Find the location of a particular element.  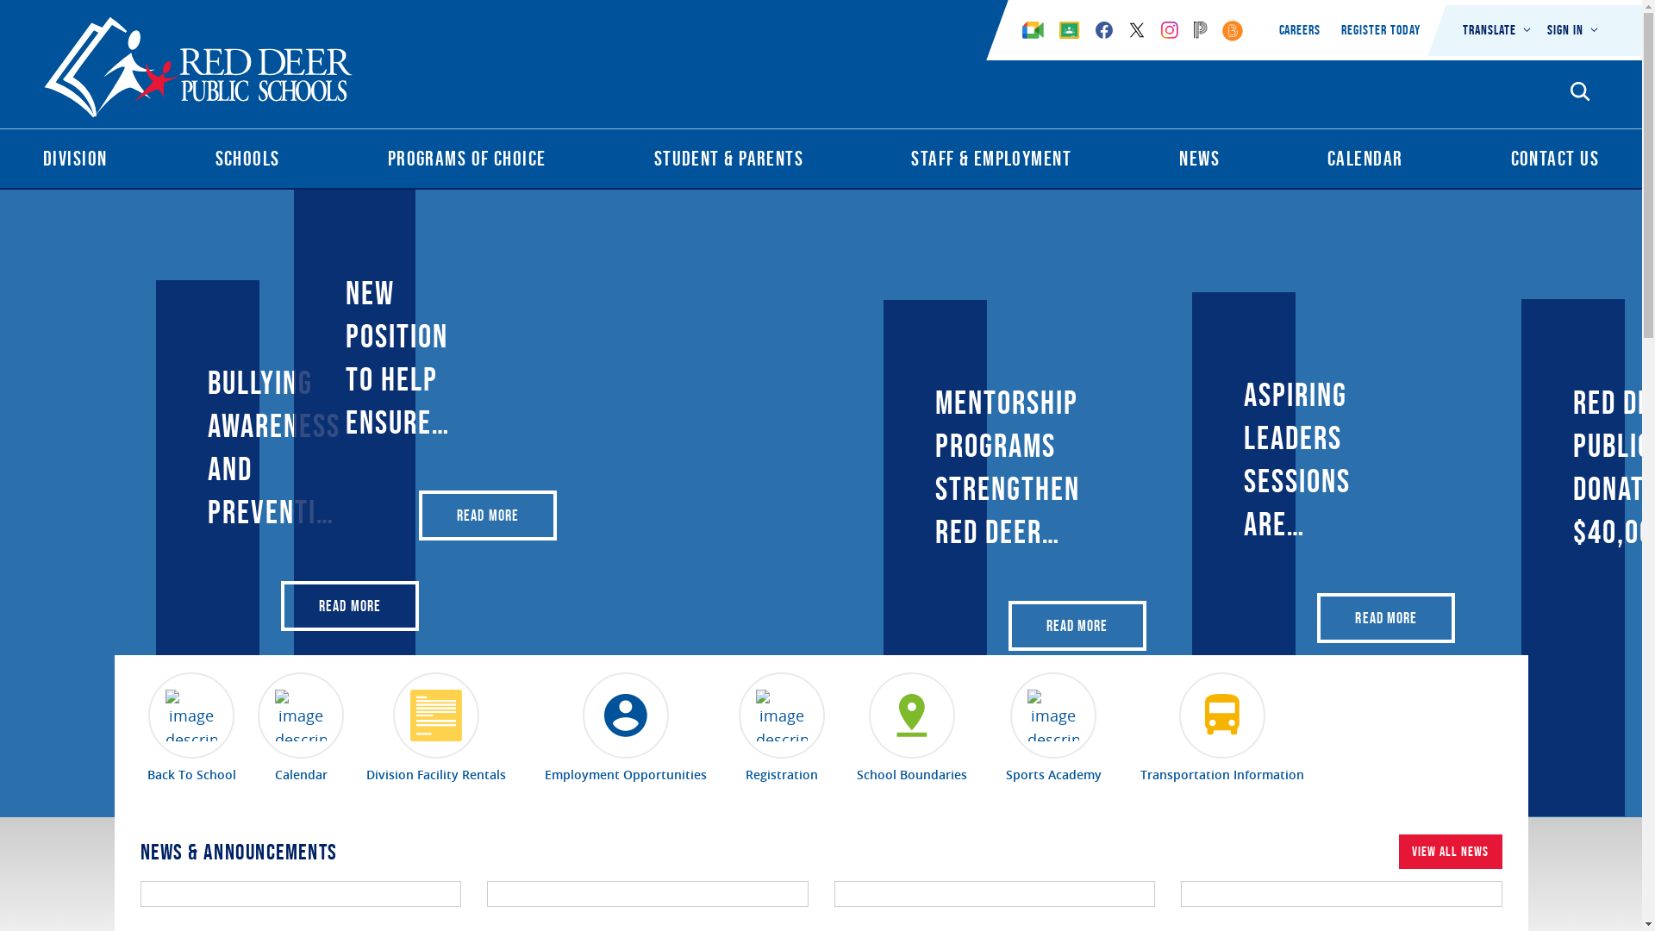

'Sign In' is located at coordinates (1572, 30).